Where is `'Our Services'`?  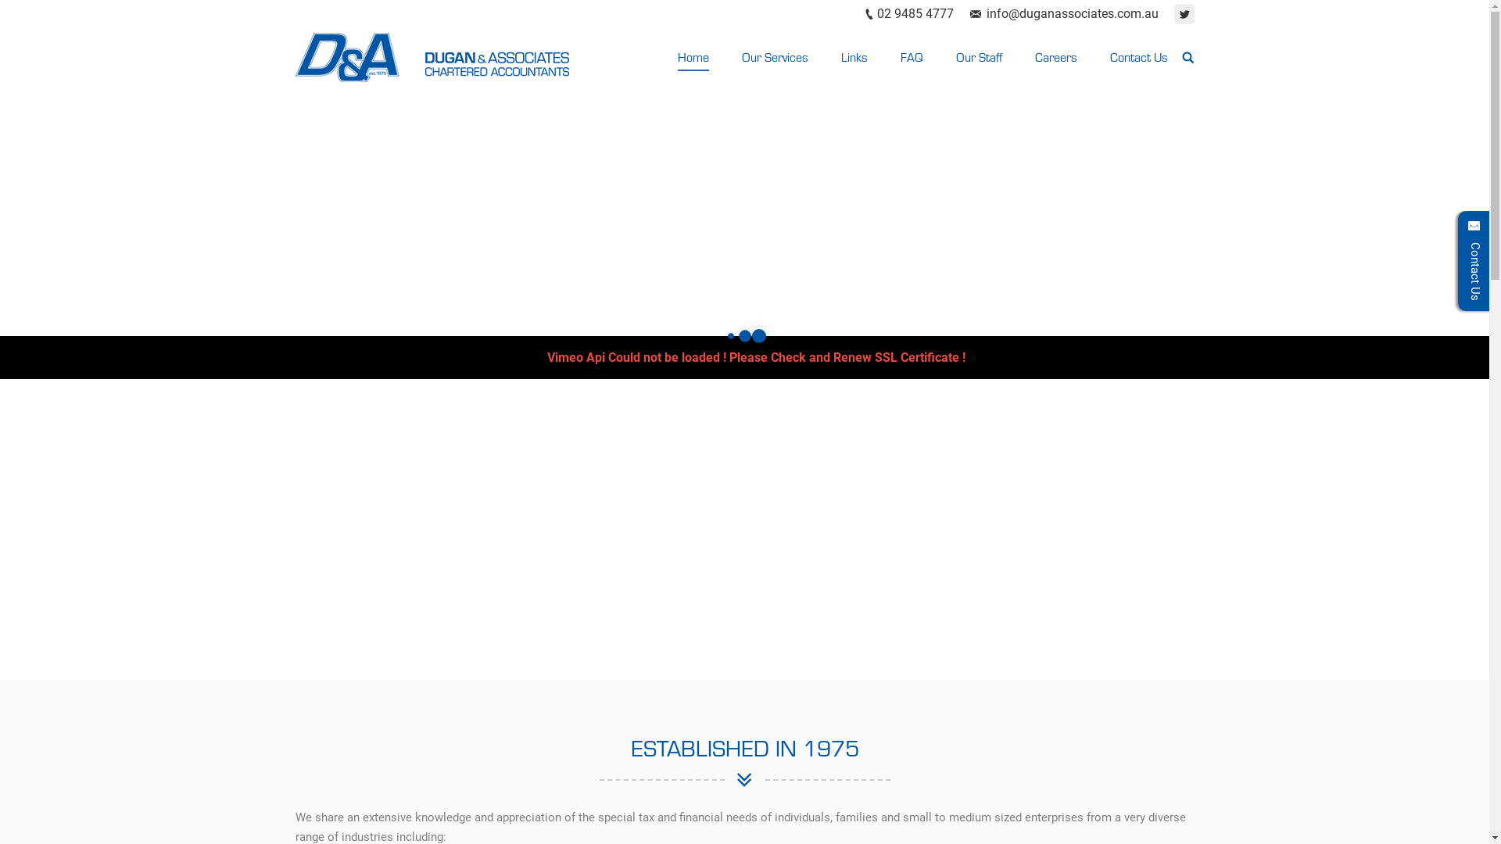
'Our Services' is located at coordinates (776, 56).